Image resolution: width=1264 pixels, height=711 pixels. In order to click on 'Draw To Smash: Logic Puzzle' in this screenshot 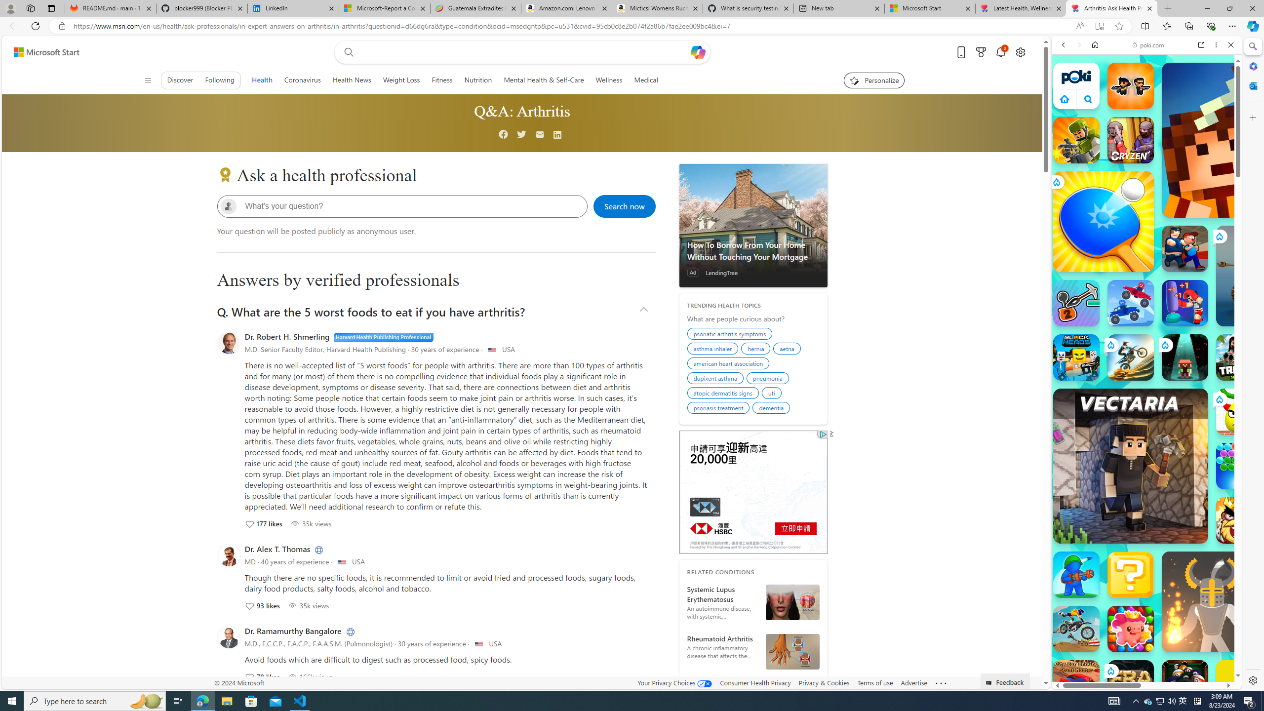, I will do `click(1239, 412)`.